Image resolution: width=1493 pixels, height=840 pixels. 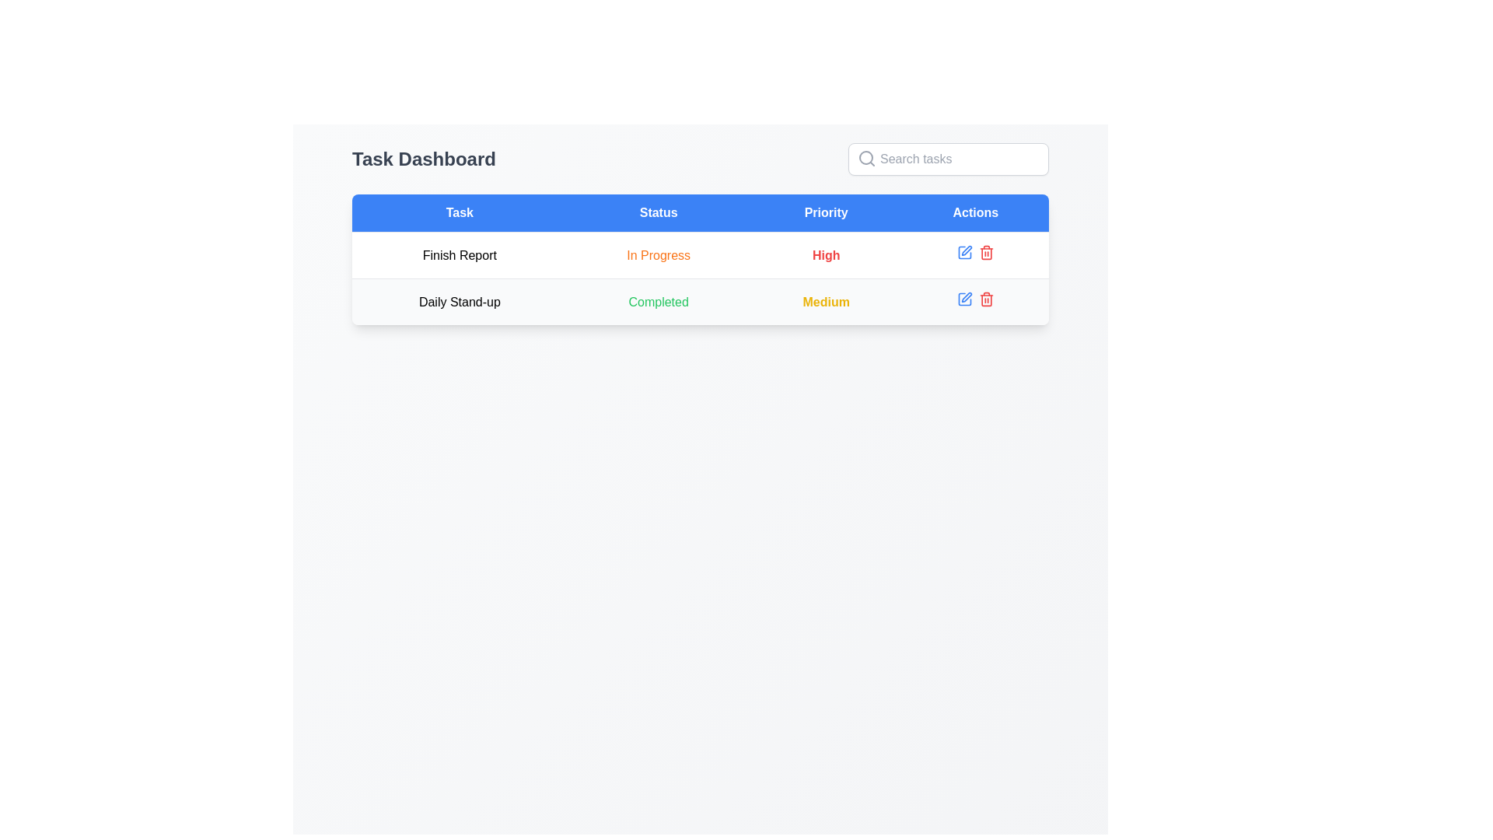 What do you see at coordinates (424, 159) in the screenshot?
I see `the static text label that serves as the header for the task management dashboard, located at the upper-left area of the interface` at bounding box center [424, 159].